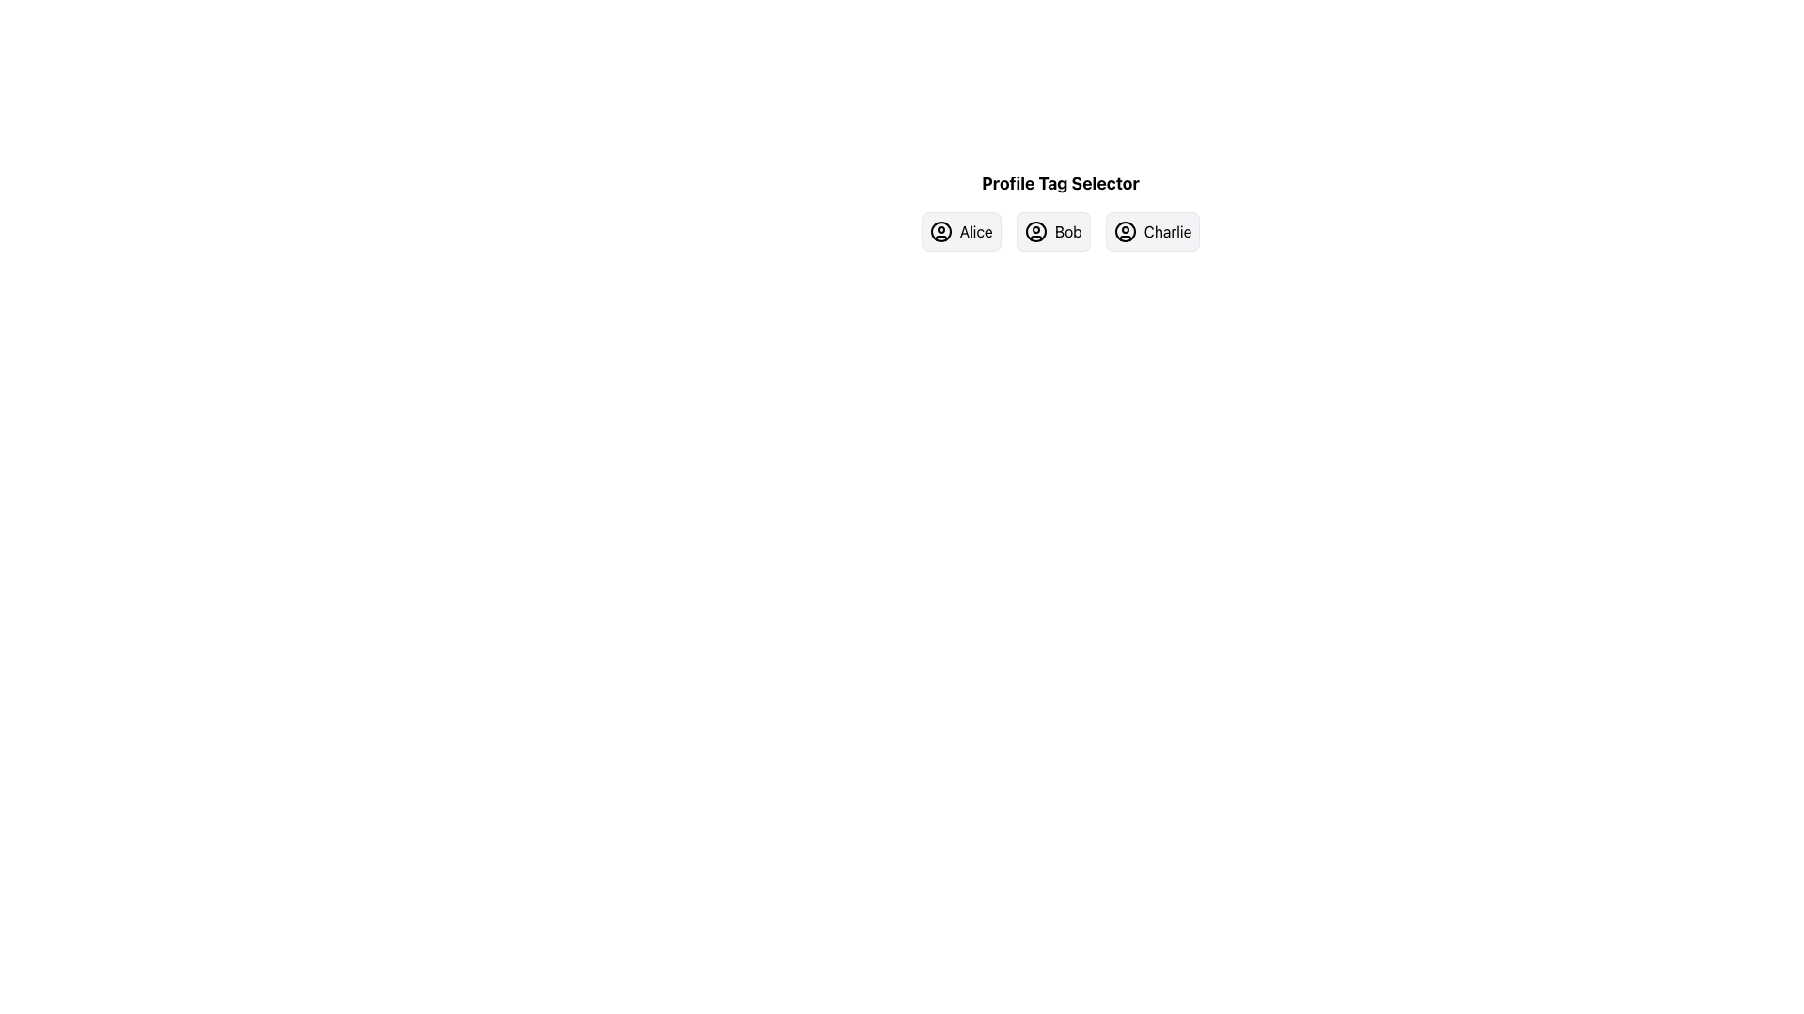  I want to click on the user avatar icon located next to the text 'Bob', which is a circular icon with a smaller internal circle representing a head and a curved line suggesting shoulders, so click(1034, 230).